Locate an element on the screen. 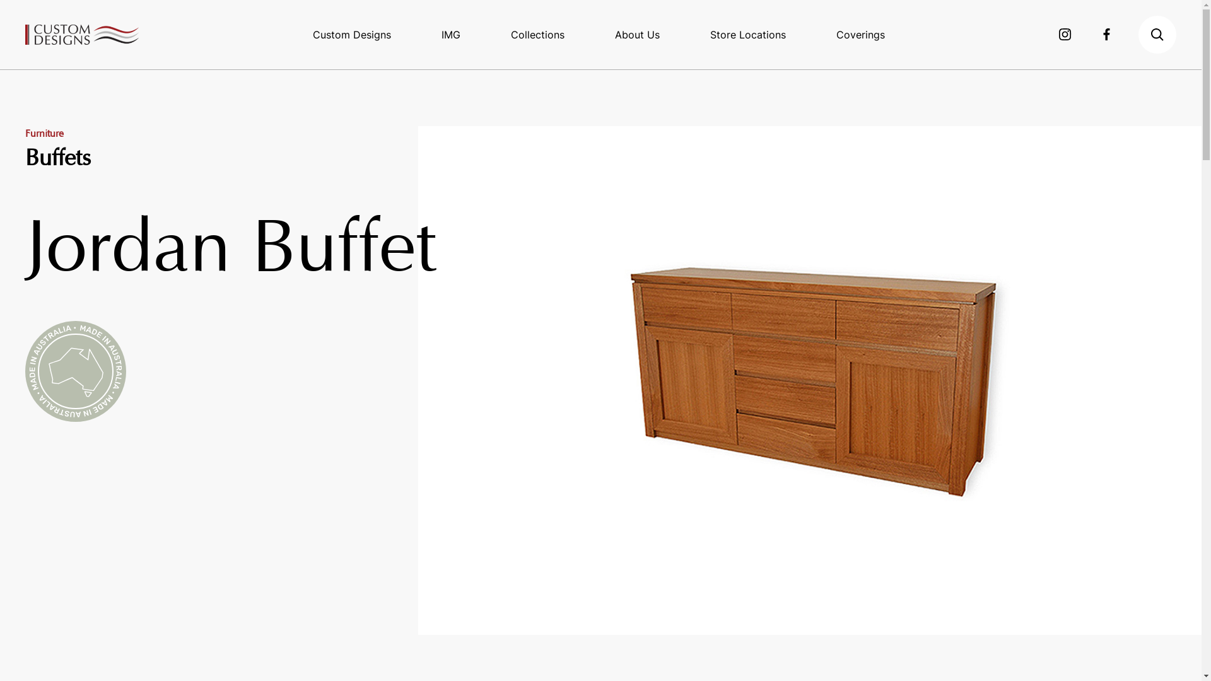 Image resolution: width=1211 pixels, height=681 pixels. 'Instagram' is located at coordinates (1065, 33).